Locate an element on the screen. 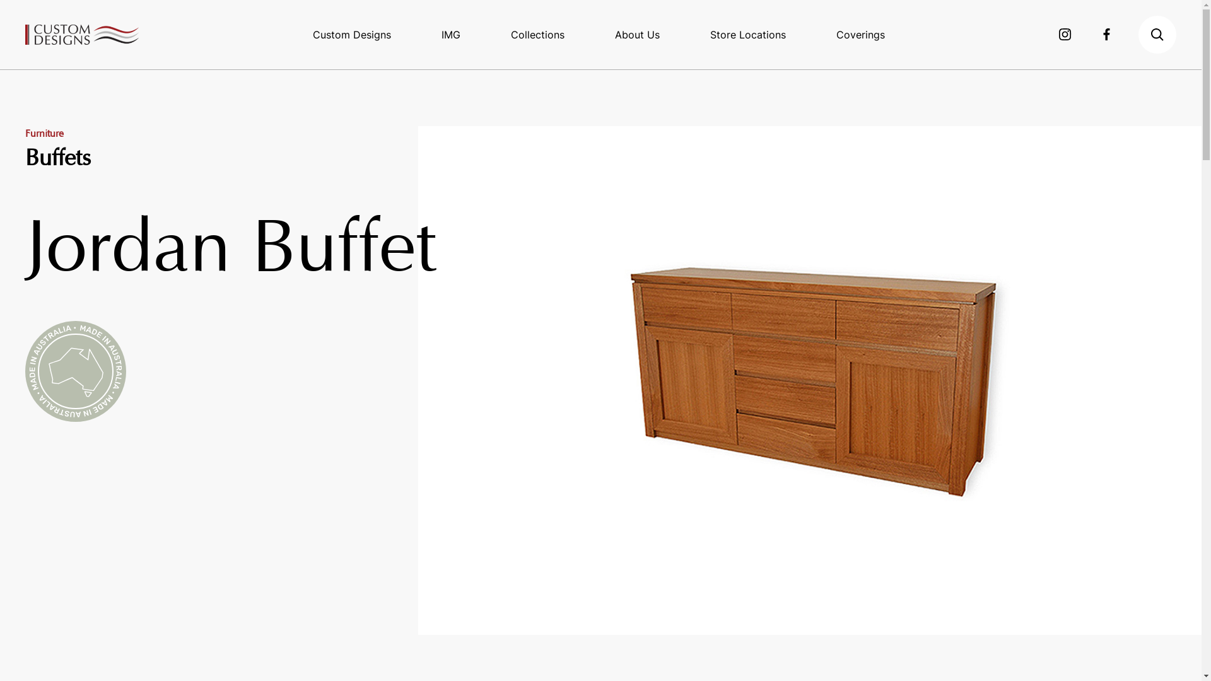 Image resolution: width=1211 pixels, height=681 pixels. 'Instagram' is located at coordinates (1065, 33).